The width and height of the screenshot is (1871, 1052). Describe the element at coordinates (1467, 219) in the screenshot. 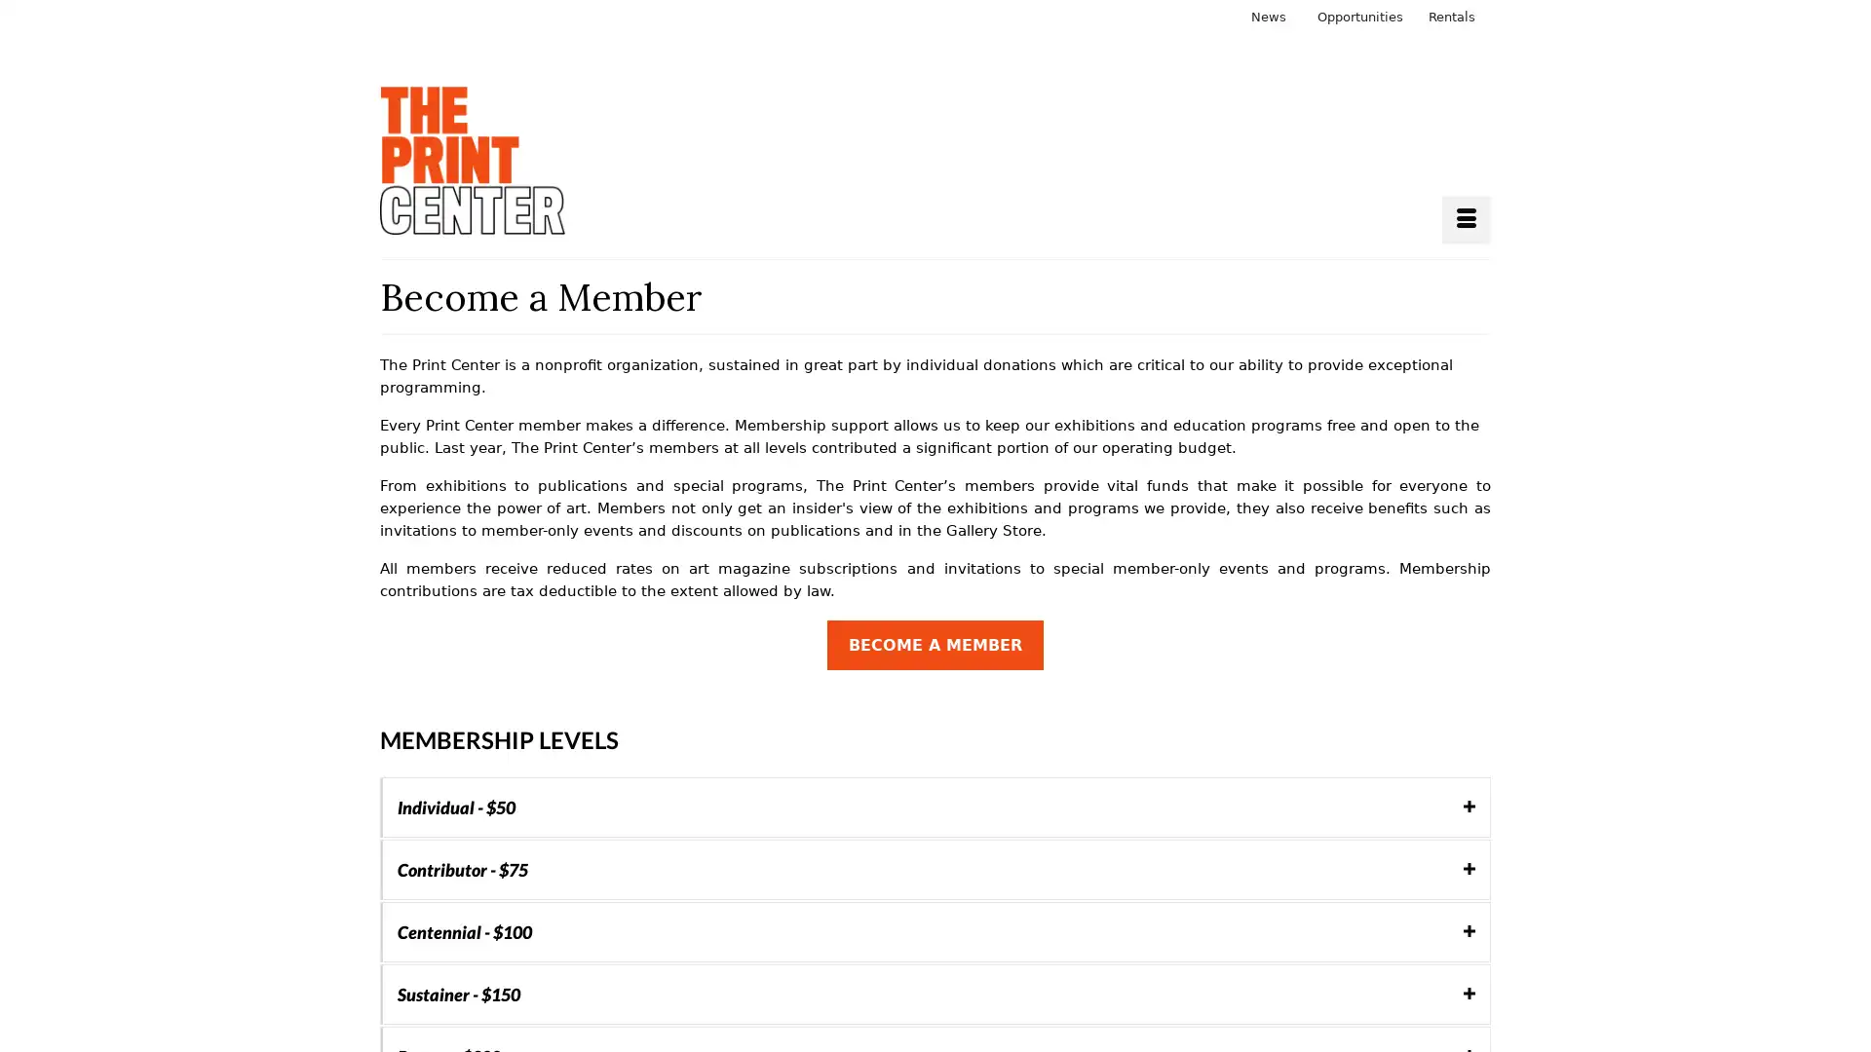

I see `Menu` at that location.